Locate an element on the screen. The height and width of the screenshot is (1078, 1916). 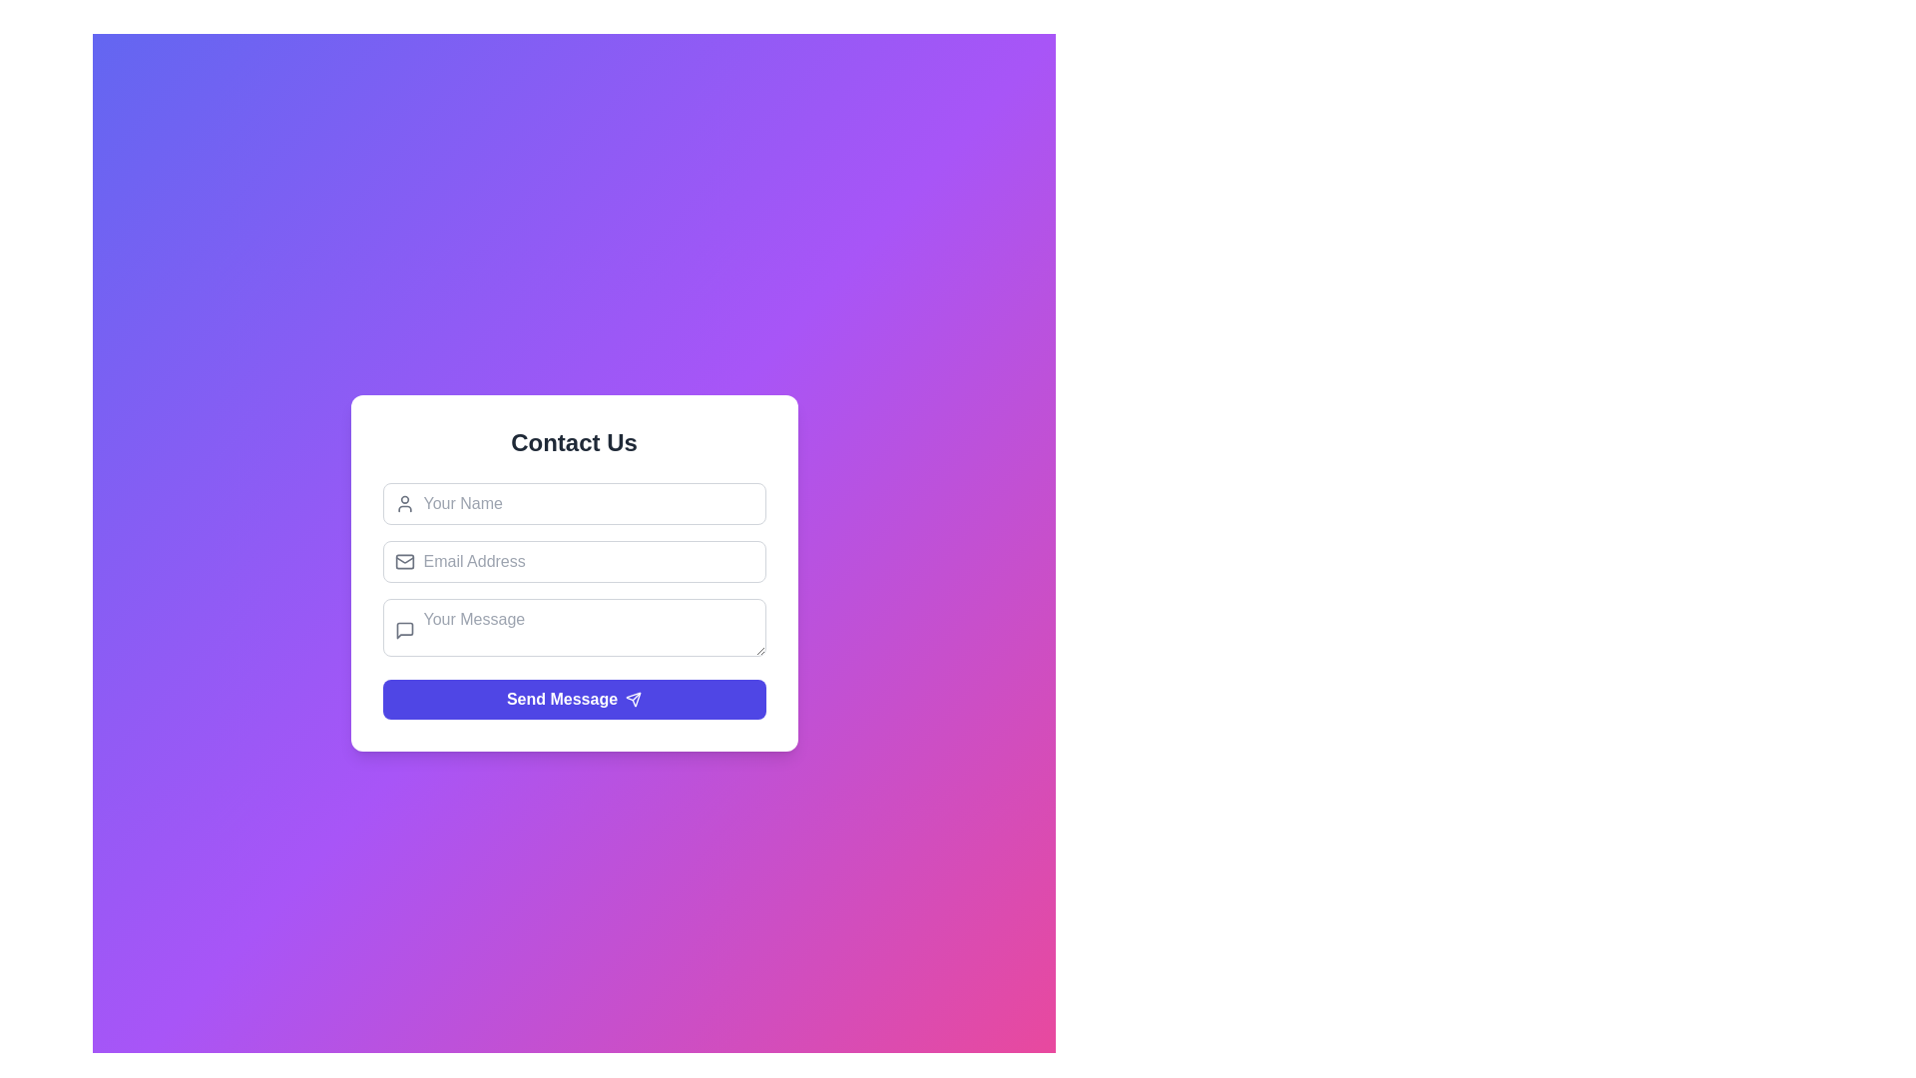
the gray envelope icon associated with email functionalities, positioned to the left of the 'Email Address' input field is located at coordinates (403, 561).